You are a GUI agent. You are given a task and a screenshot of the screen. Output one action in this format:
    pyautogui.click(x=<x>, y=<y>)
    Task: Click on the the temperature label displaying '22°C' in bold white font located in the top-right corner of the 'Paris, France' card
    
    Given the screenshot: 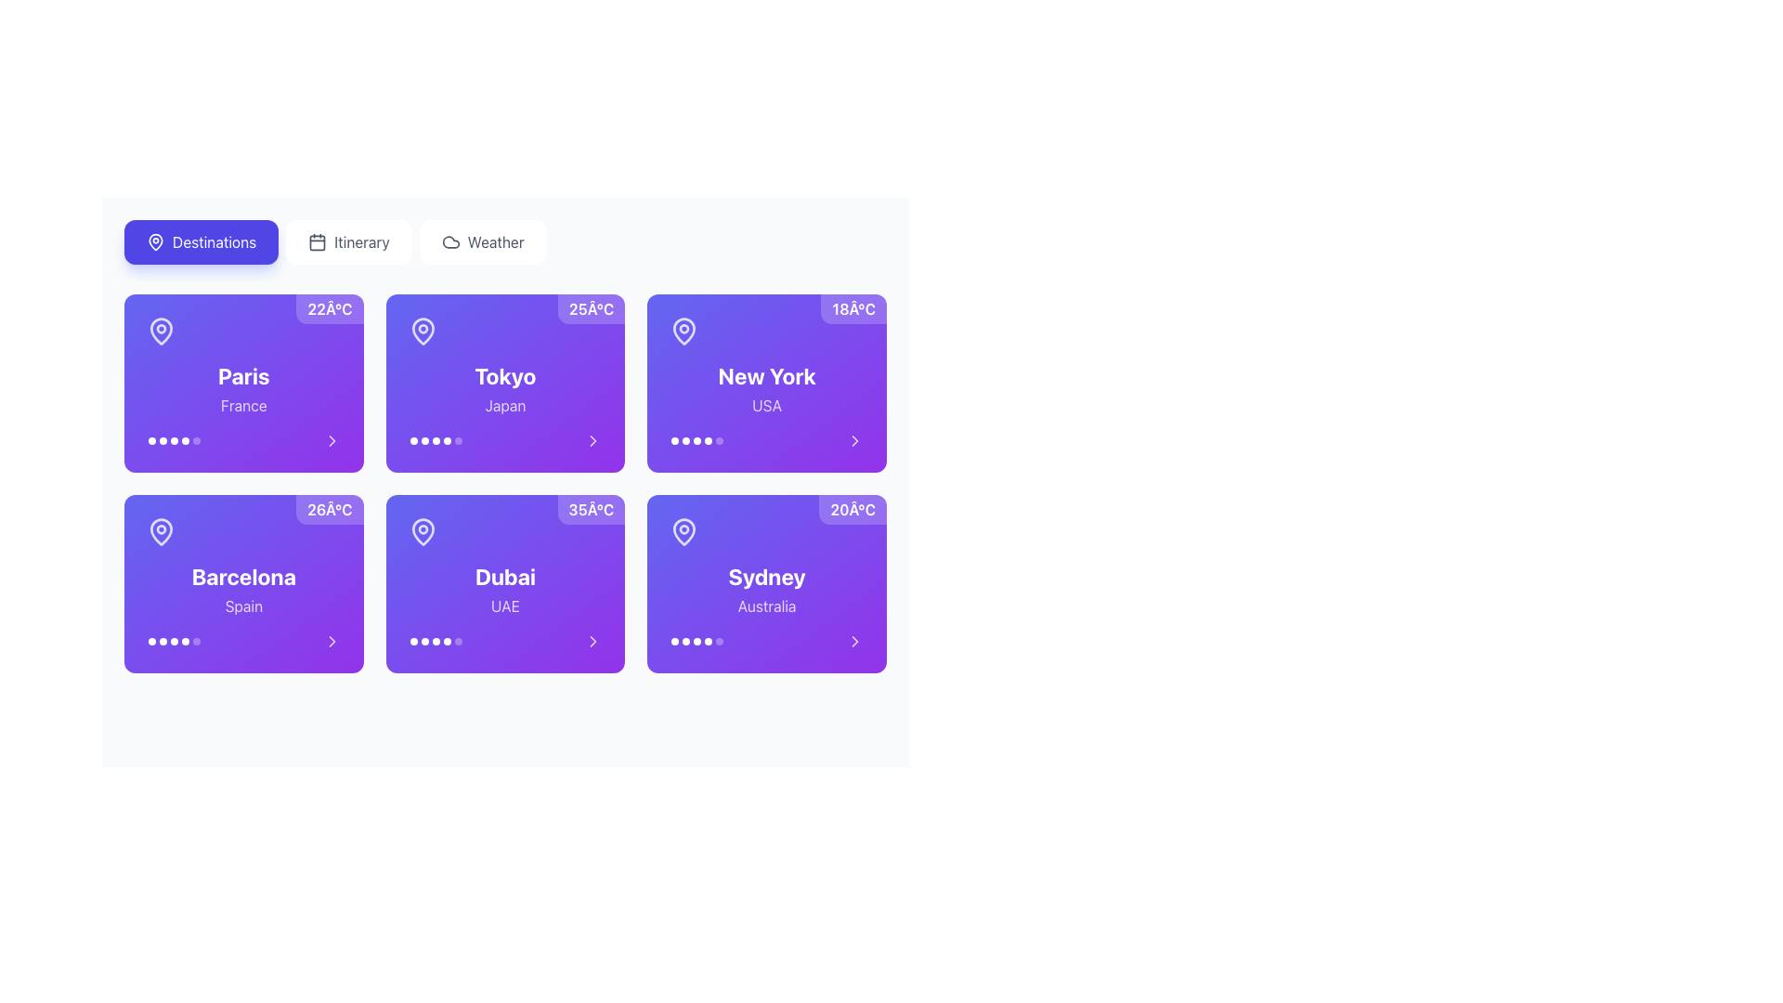 What is the action you would take?
    pyautogui.click(x=330, y=307)
    